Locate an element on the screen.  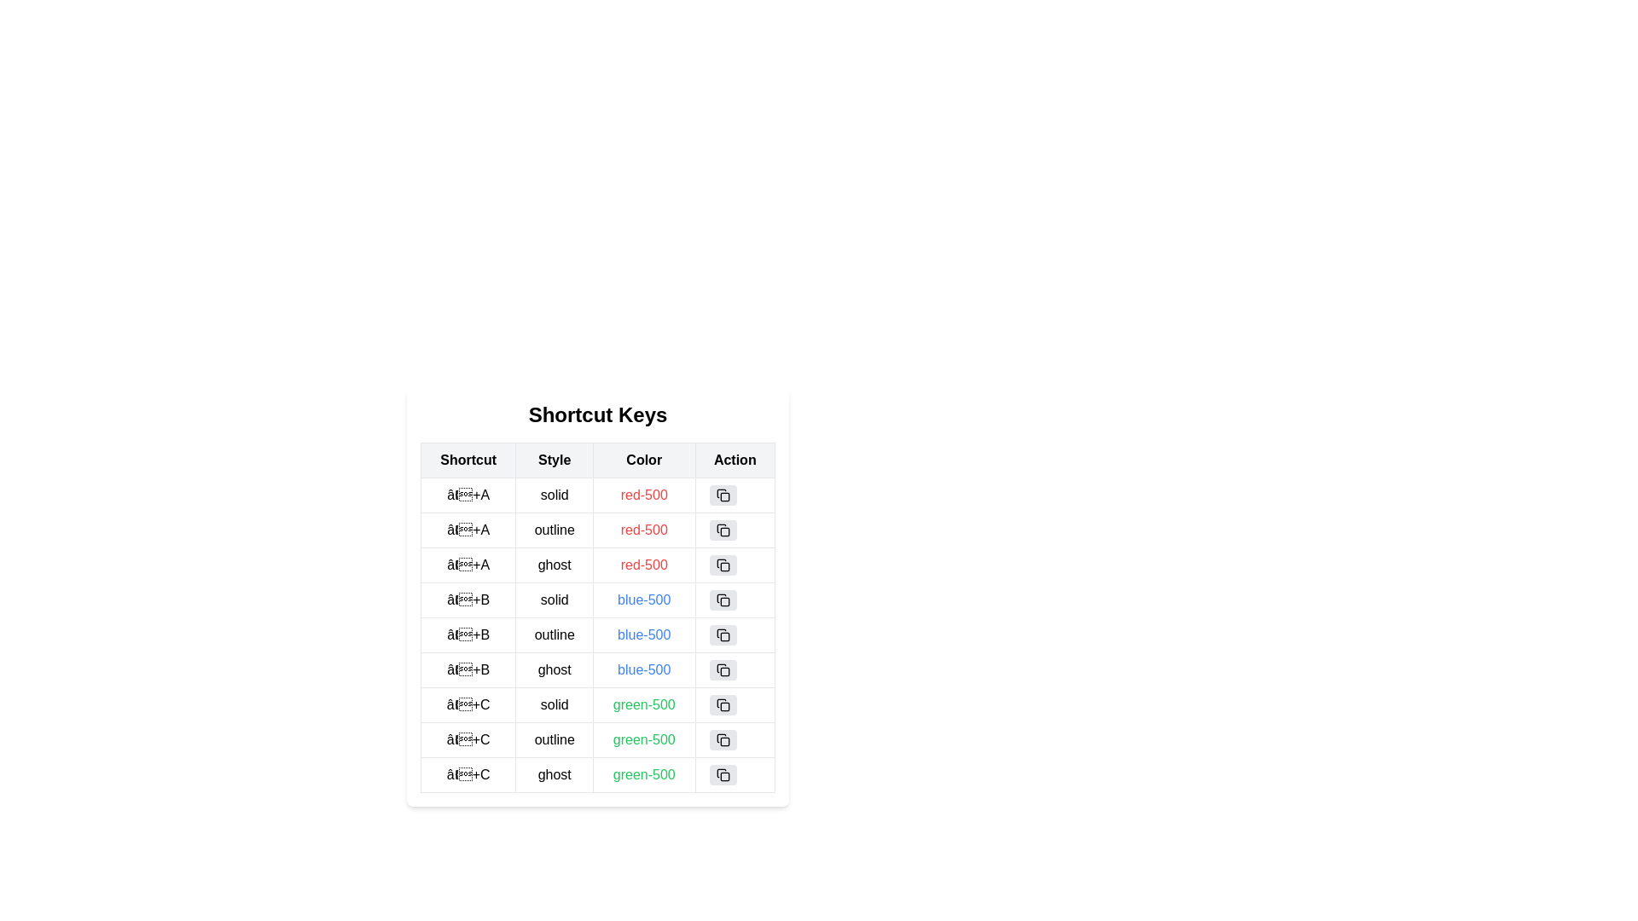
the text label displaying the shortcut key combination '⌘+C', which is styled as 'solid' and colored 'green-500' is located at coordinates (468, 704).